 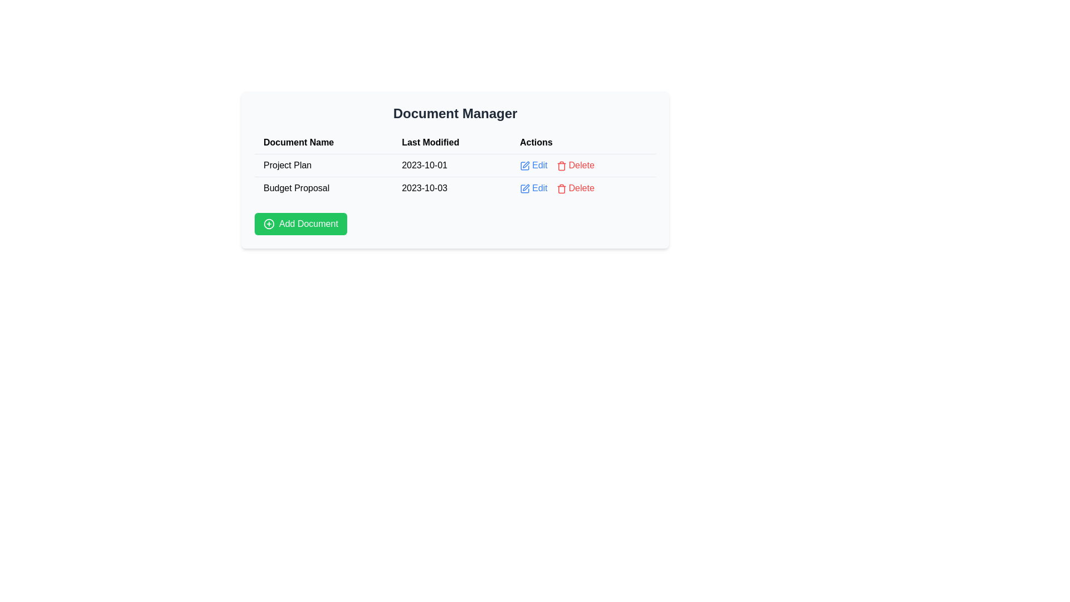 What do you see at coordinates (533, 188) in the screenshot?
I see `the 'Edit' link button styled as a blue hyperlink with a pencil icon` at bounding box center [533, 188].